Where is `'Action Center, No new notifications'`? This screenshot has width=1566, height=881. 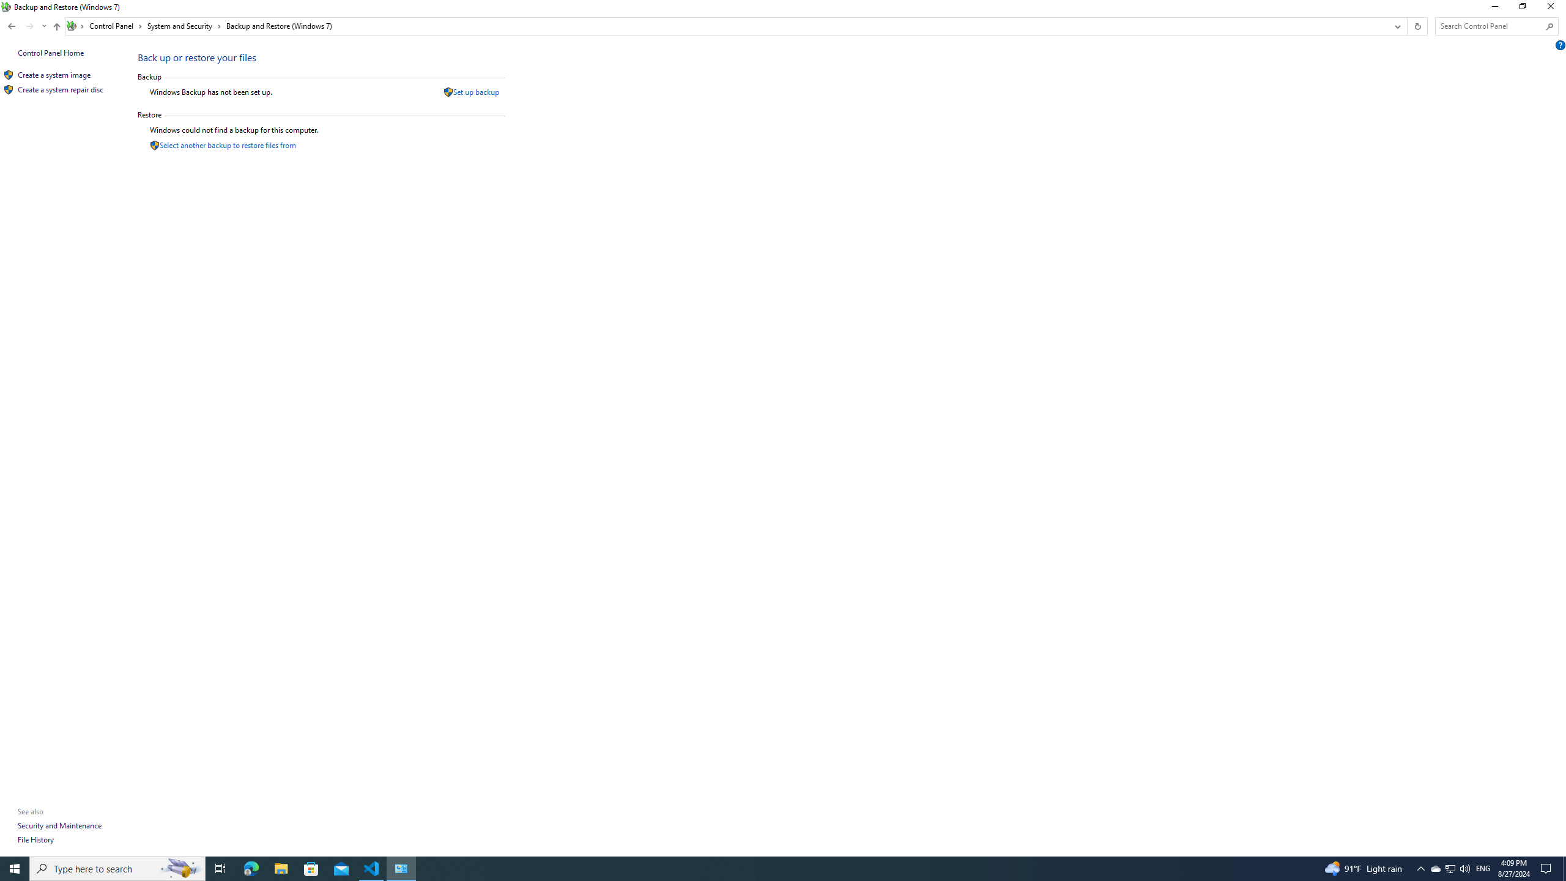
'Action Center, No new notifications' is located at coordinates (1548, 868).